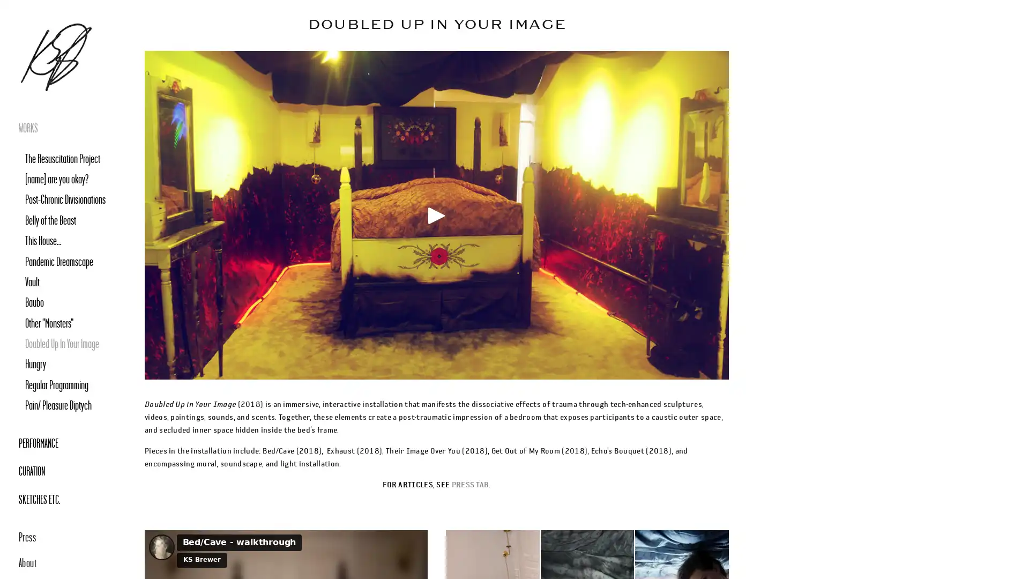 This screenshot has width=1029, height=579. Describe the element at coordinates (437, 215) in the screenshot. I see `Play` at that location.